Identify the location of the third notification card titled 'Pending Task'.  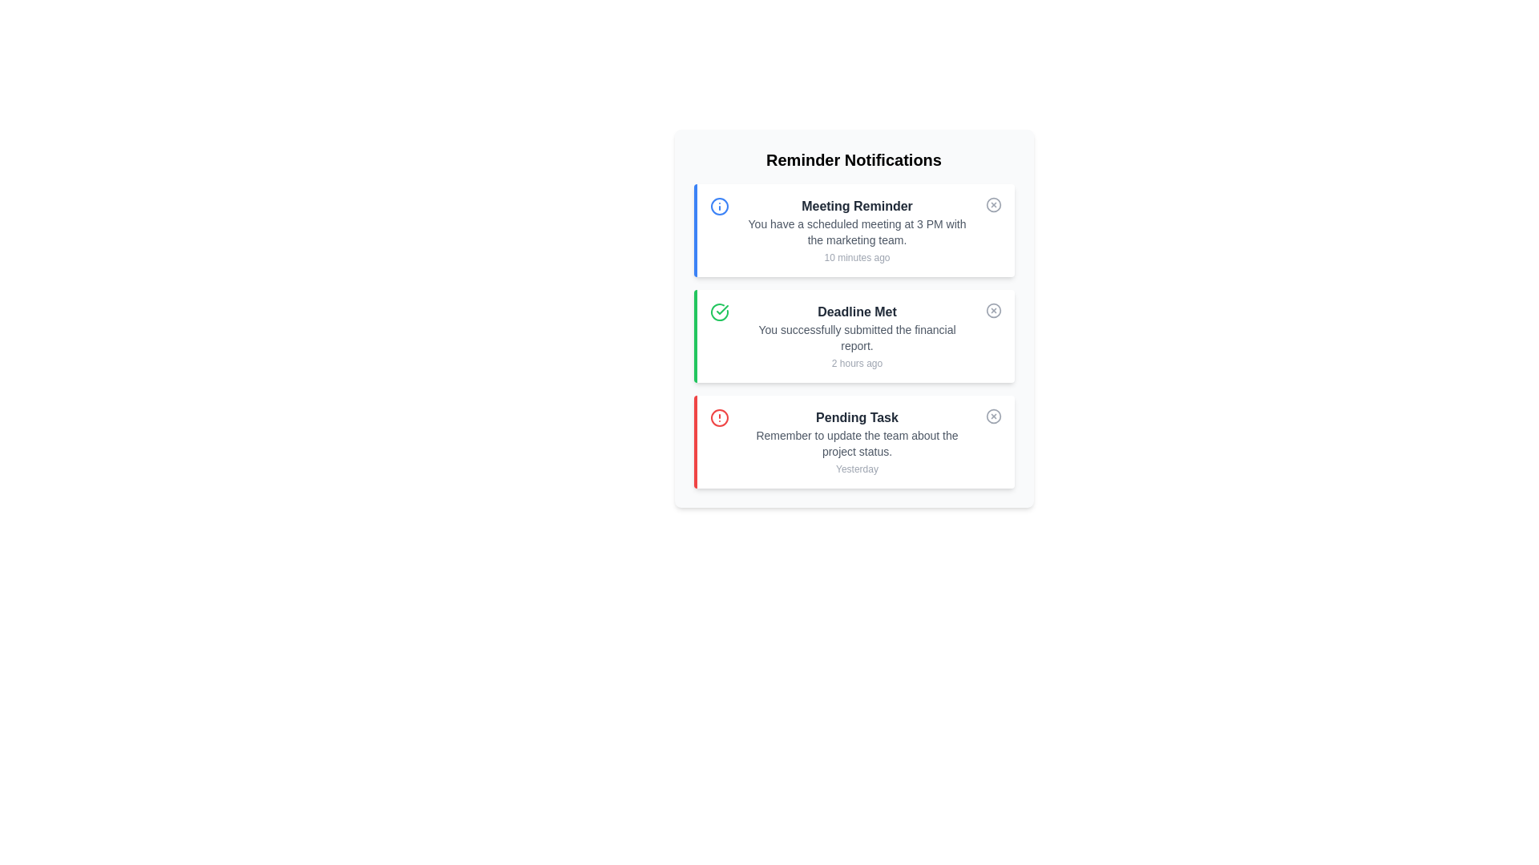
(853, 441).